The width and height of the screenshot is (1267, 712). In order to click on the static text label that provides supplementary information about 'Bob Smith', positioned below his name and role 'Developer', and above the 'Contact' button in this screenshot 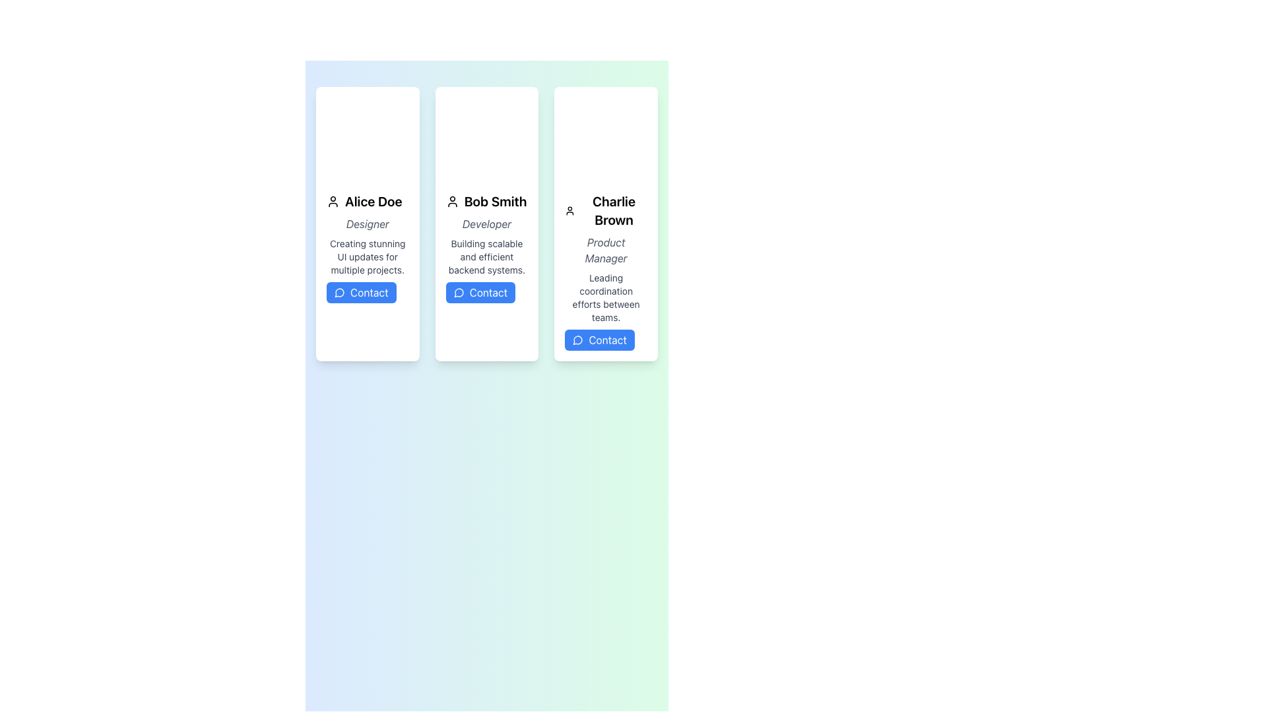, I will do `click(486, 256)`.